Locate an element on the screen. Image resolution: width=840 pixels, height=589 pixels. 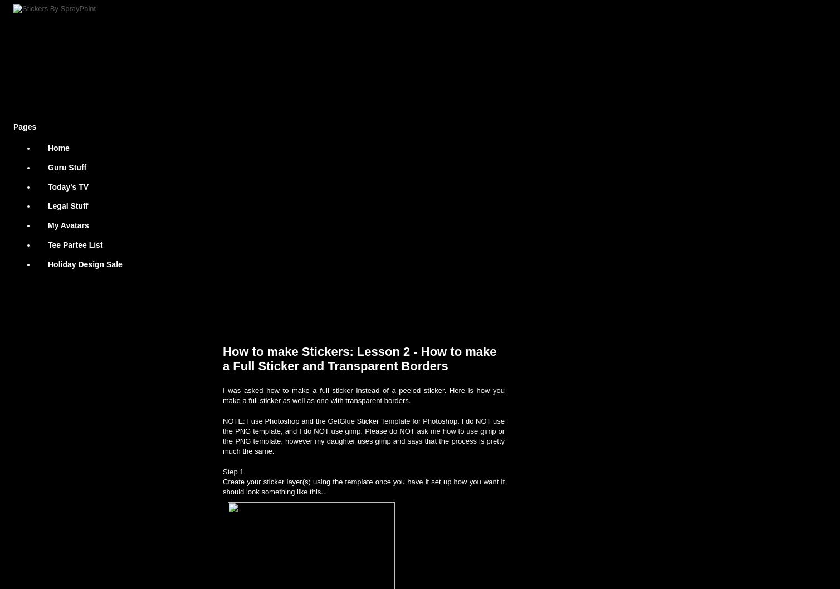
'Pages' is located at coordinates (13, 126).